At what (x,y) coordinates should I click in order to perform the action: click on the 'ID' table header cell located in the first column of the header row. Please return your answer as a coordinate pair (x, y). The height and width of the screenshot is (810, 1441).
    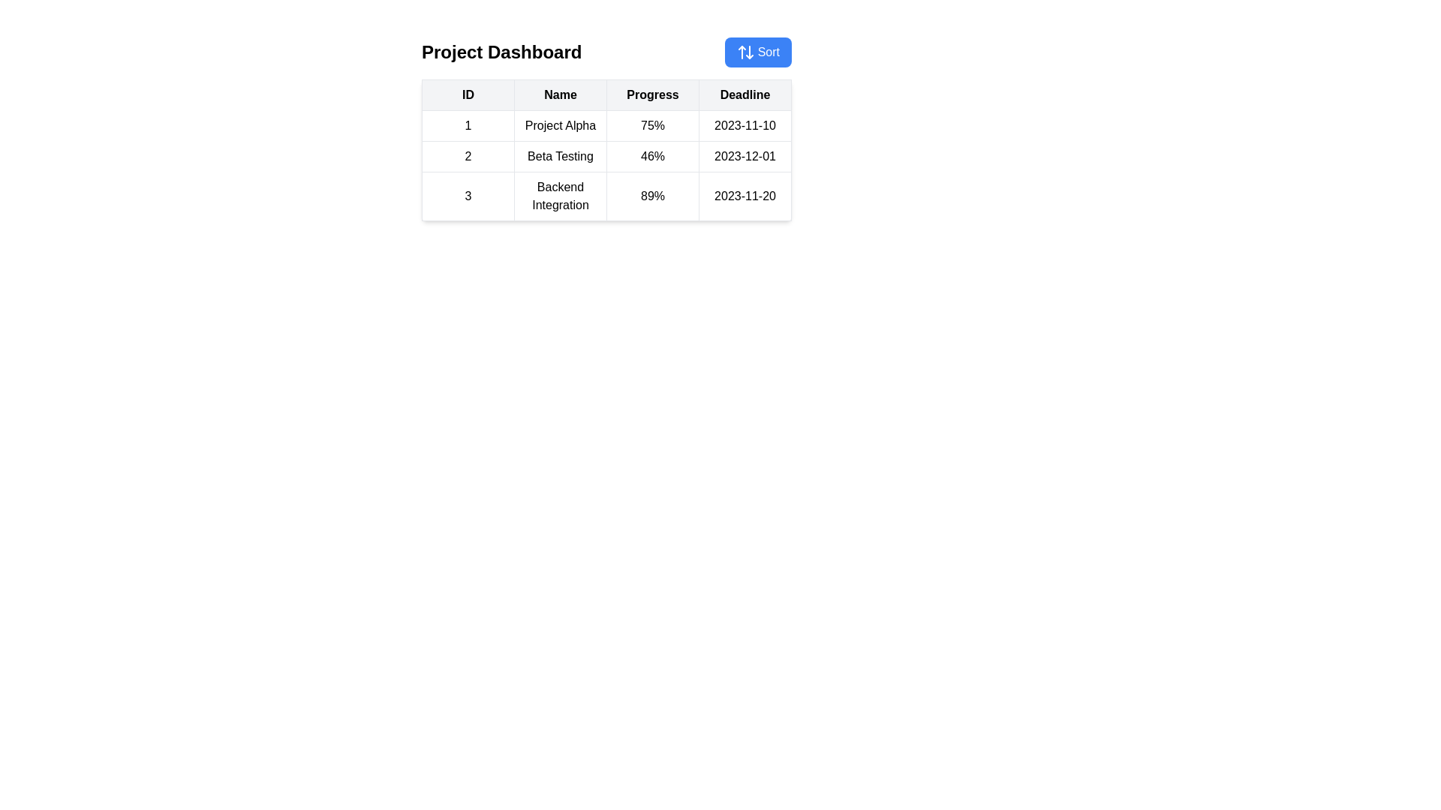
    Looking at the image, I should click on (468, 95).